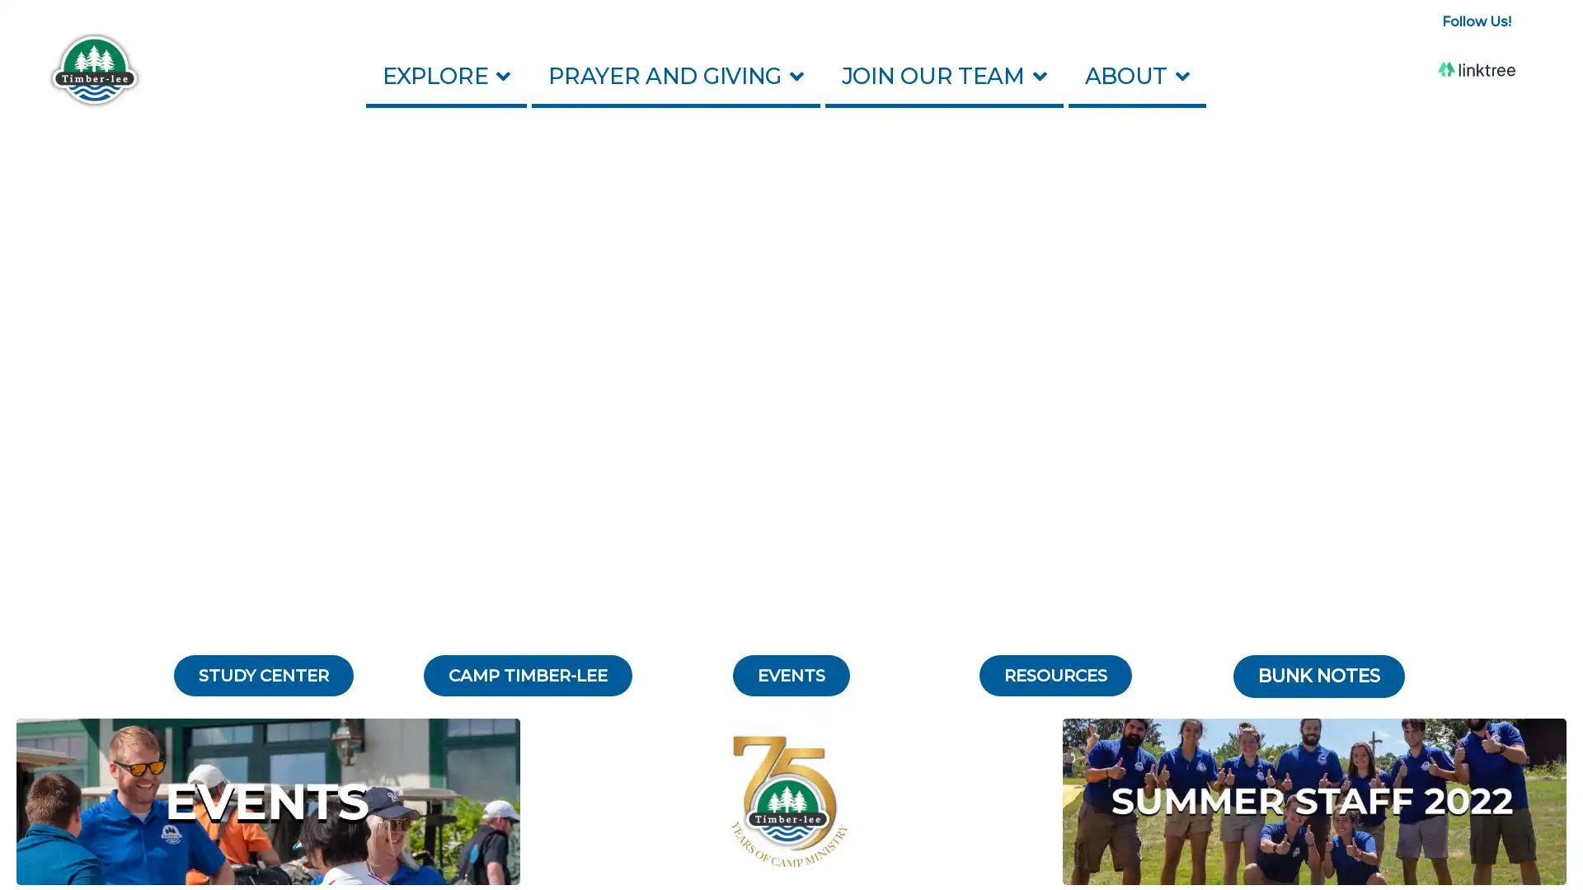 This screenshot has height=890, width=1583. Describe the element at coordinates (1318, 677) in the screenshot. I see `BUNK NOTES` at that location.